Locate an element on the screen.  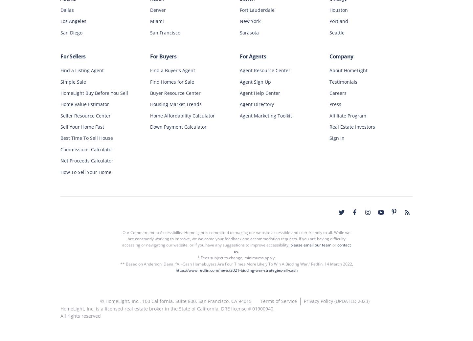
'Real Estate Investors' is located at coordinates (352, 126).